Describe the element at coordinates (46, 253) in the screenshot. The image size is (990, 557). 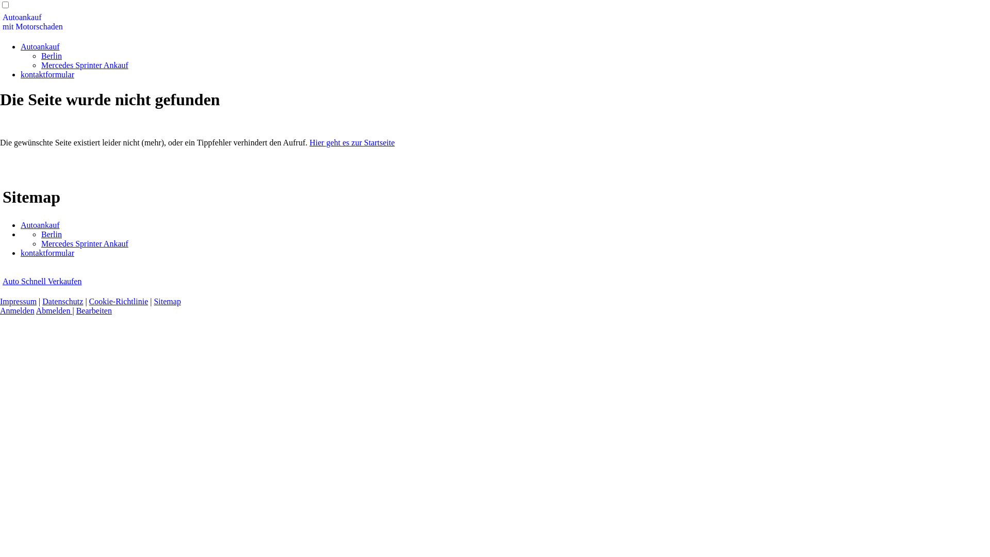
I see `'kontaktformular'` at that location.